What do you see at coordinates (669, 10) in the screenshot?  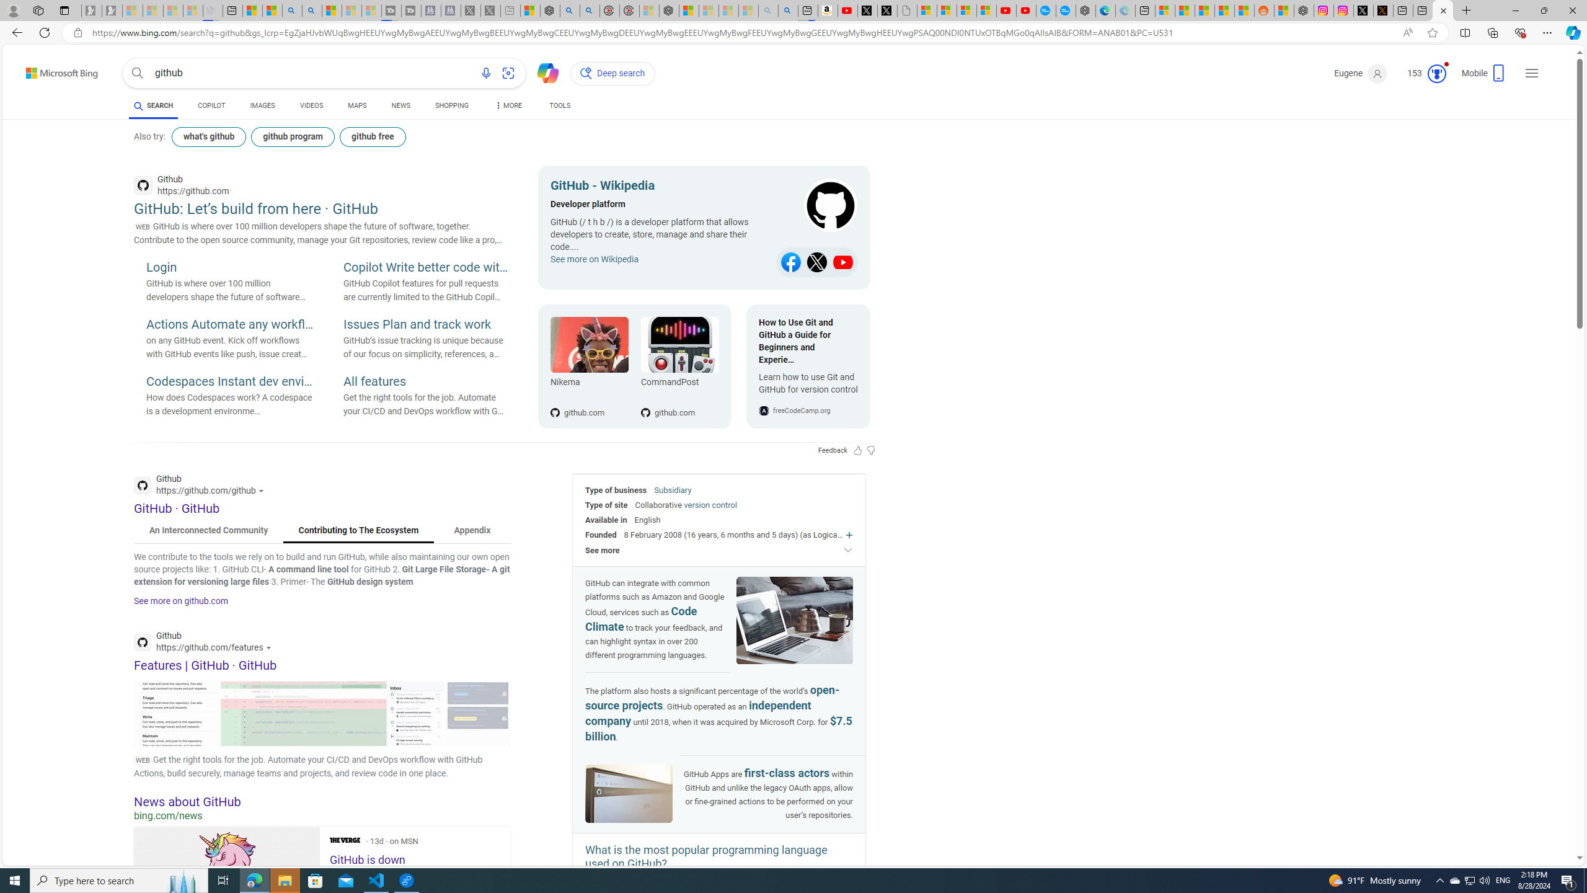 I see `'Nordace - Nordace Siena Is Not An Ordinary Backpack'` at bounding box center [669, 10].